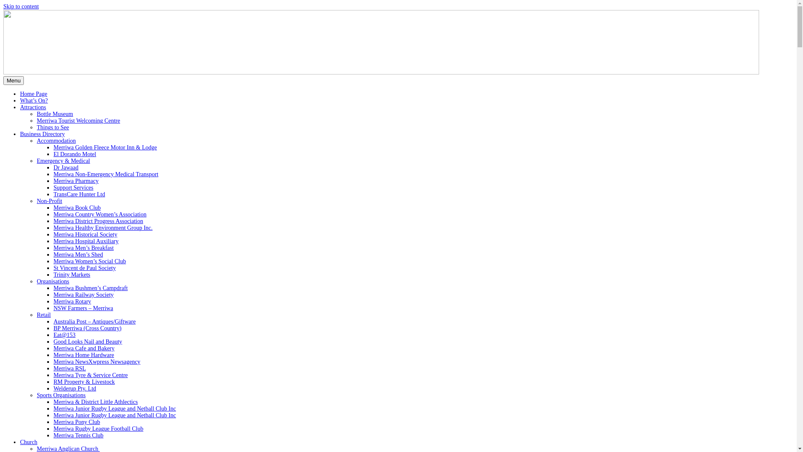 This screenshot has height=452, width=803. I want to click on 'Good Looks Nail and Beauty', so click(88, 342).